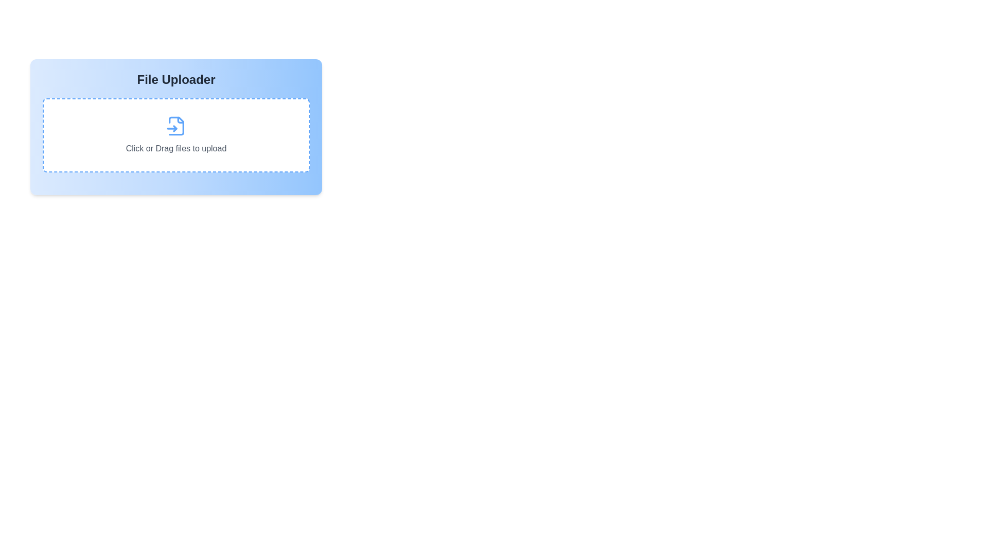 This screenshot has height=556, width=988. What do you see at coordinates (176, 126) in the screenshot?
I see `the blue-colored file upload icon with an inward pointing arrow, located centrally within the dashed rectangular upload zone` at bounding box center [176, 126].